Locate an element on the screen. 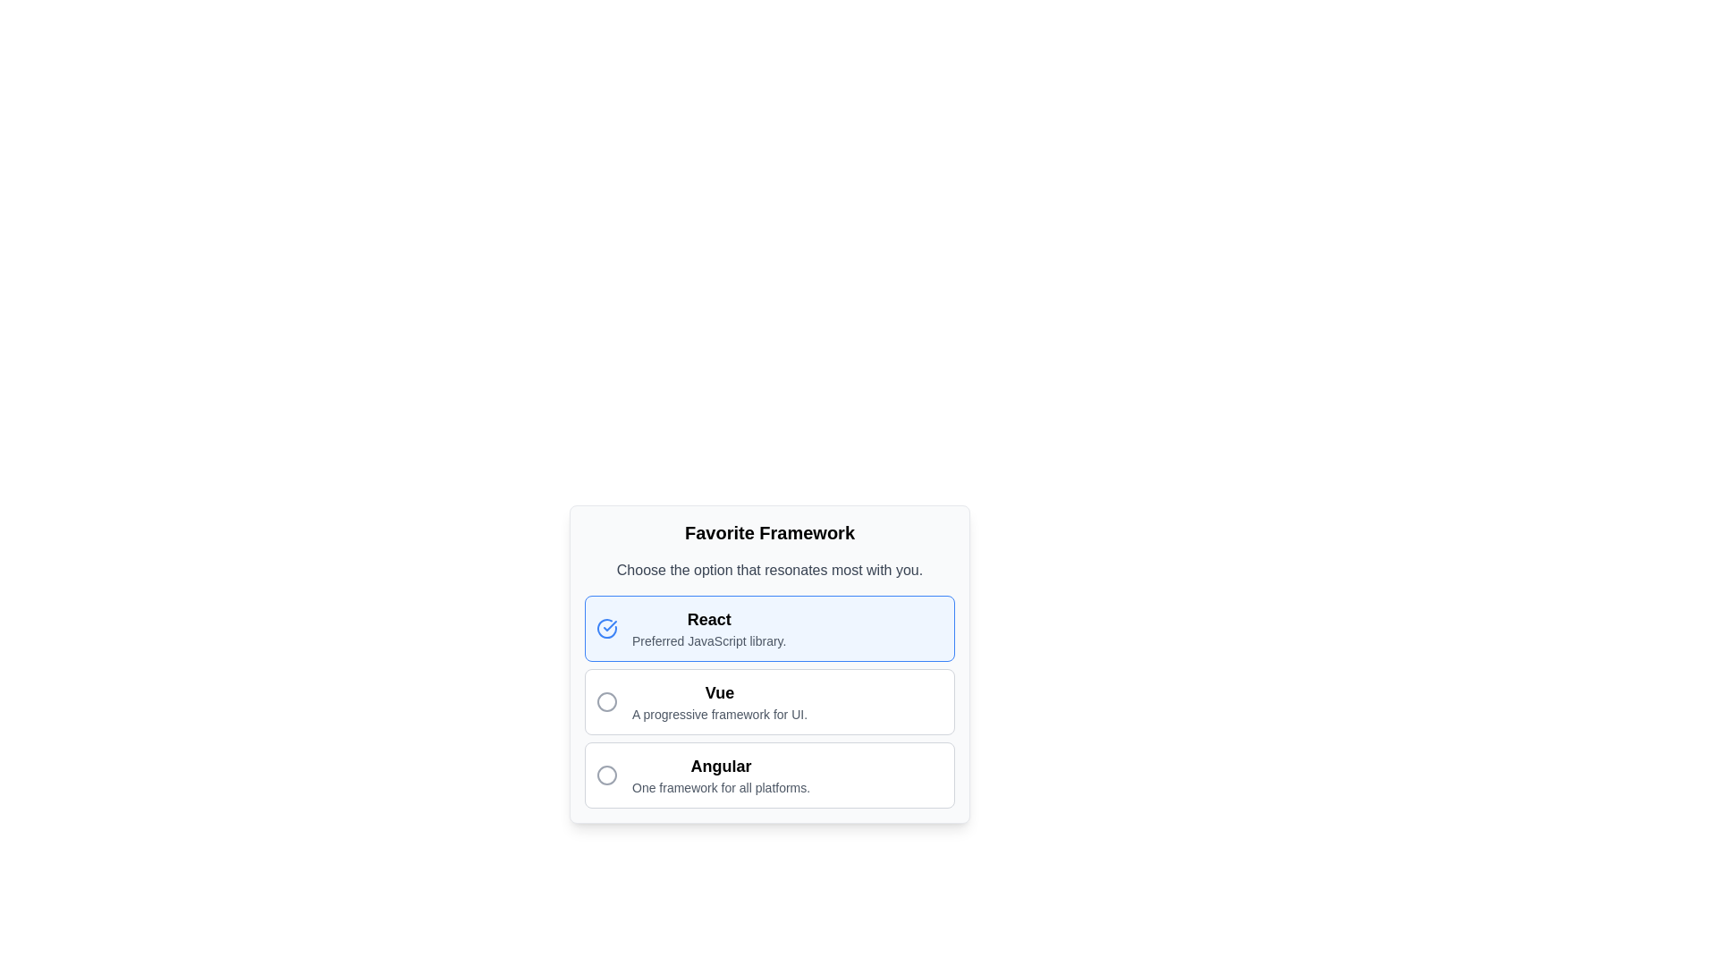 This screenshot has height=966, width=1717. the 'React' text label, which is bold and prominently displayed on a light blue background, to interact with the adjacent selection indicators is located at coordinates (707, 619).